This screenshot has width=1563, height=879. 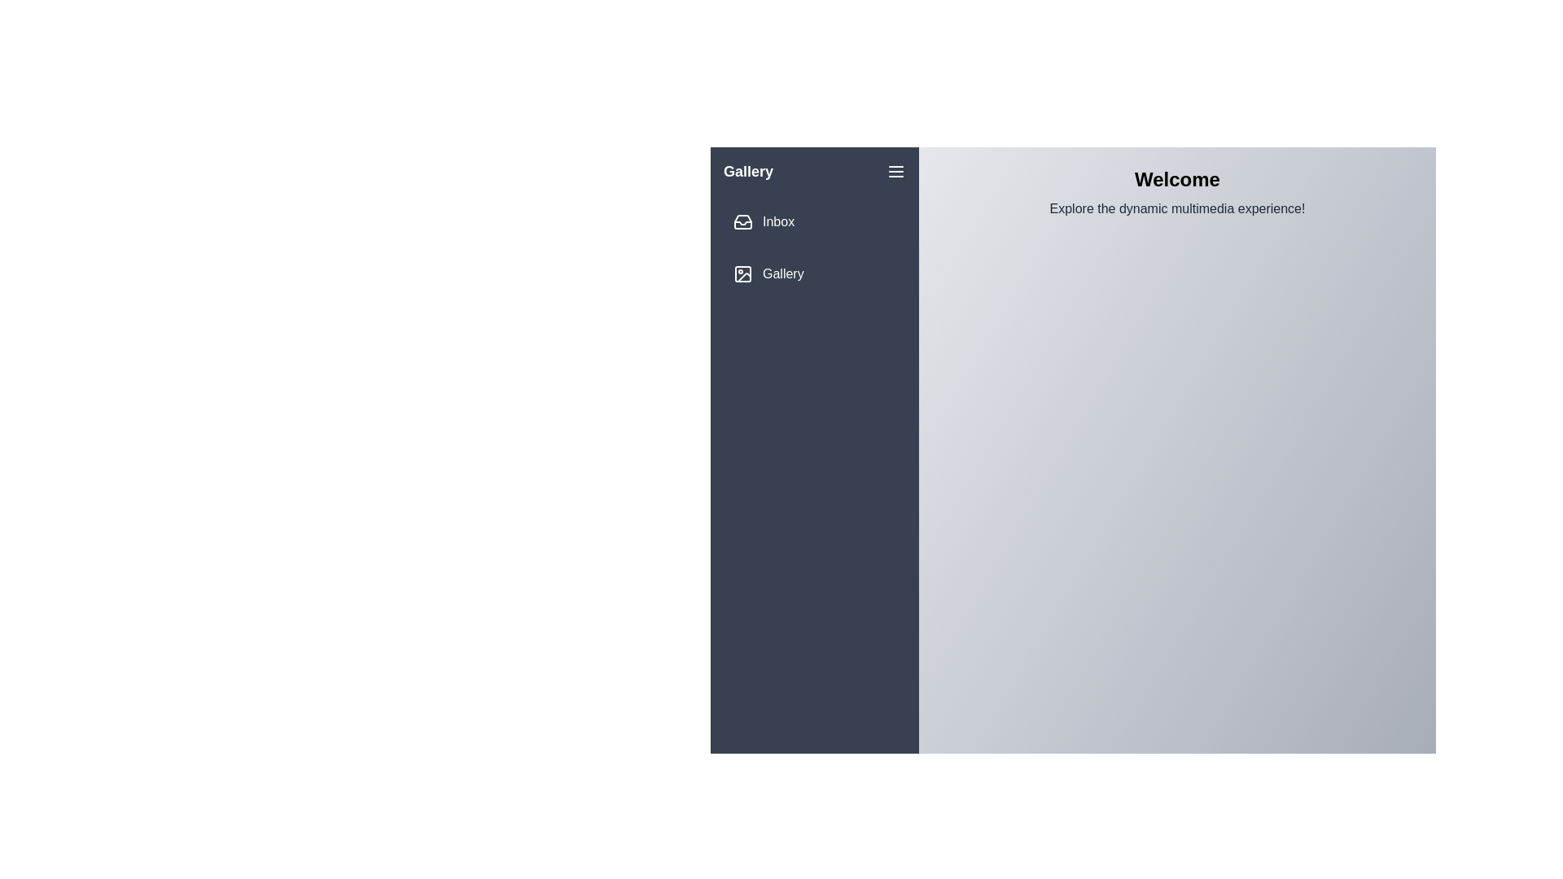 I want to click on the icon representing an image frame and a small circle located in the left side navigation menu to focus on the associated 'Gallery' menu item, so click(x=742, y=273).